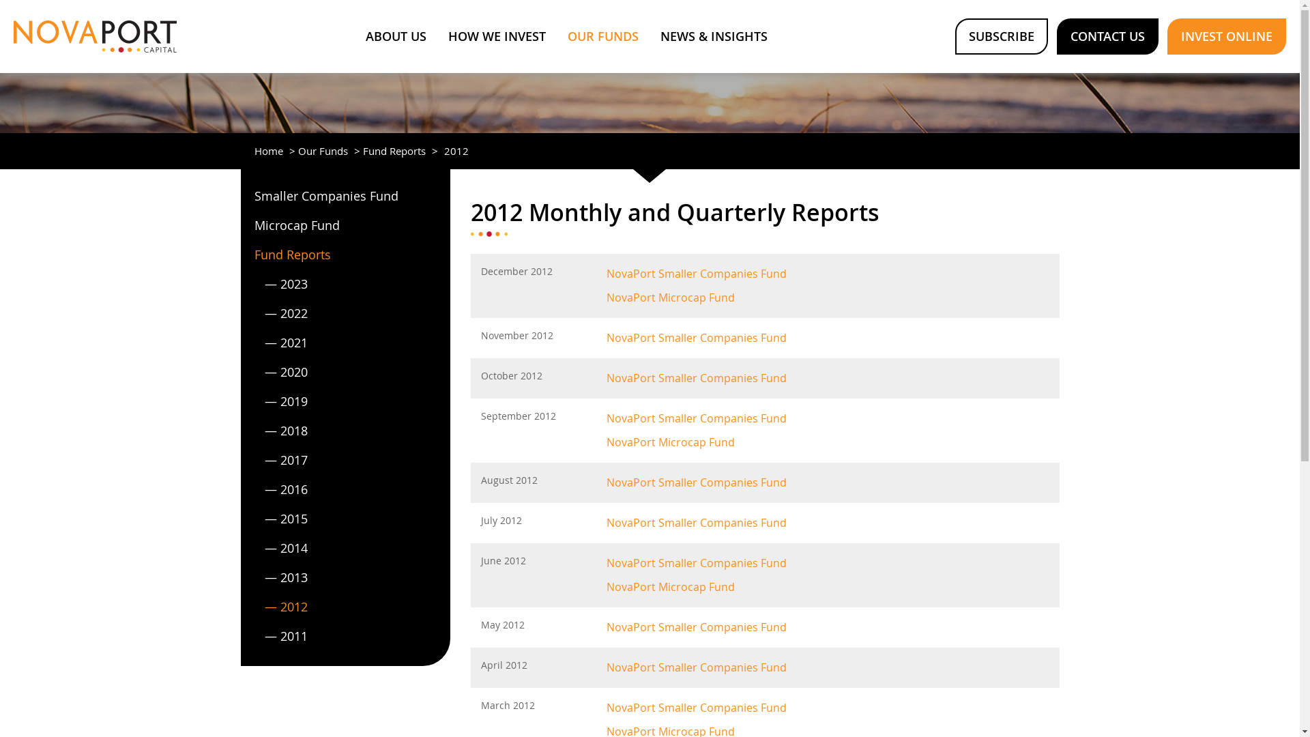 The image size is (1310, 737). What do you see at coordinates (345, 308) in the screenshot?
I see `'2022'` at bounding box center [345, 308].